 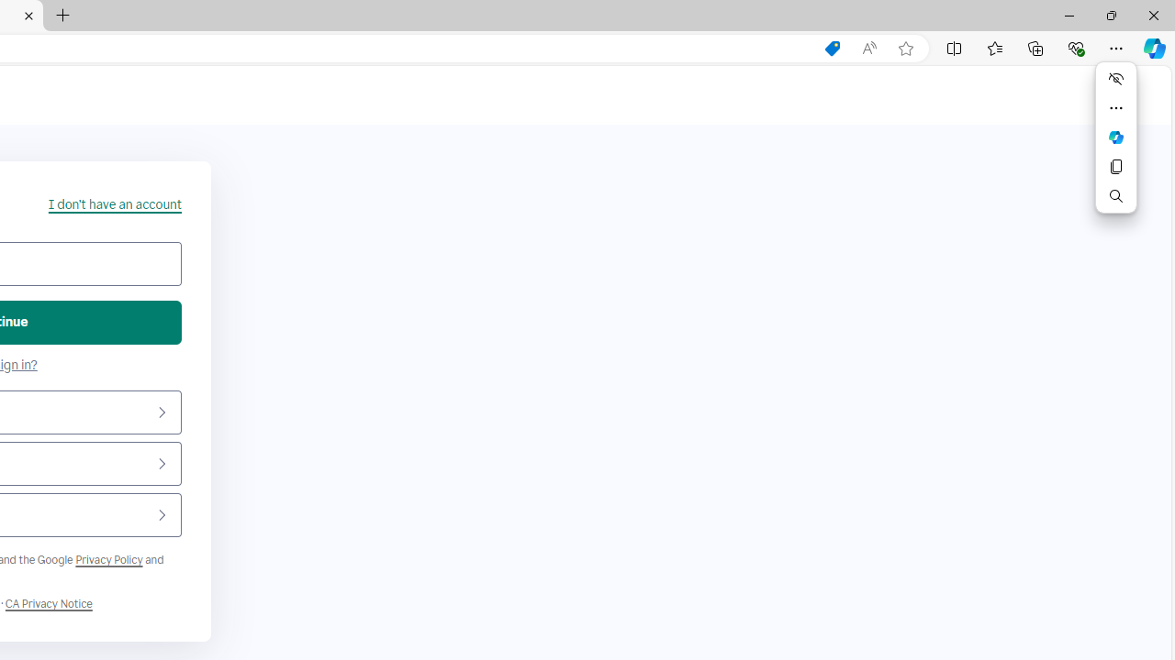 What do you see at coordinates (1115, 136) in the screenshot?
I see `'Mini menu on text selection'` at bounding box center [1115, 136].